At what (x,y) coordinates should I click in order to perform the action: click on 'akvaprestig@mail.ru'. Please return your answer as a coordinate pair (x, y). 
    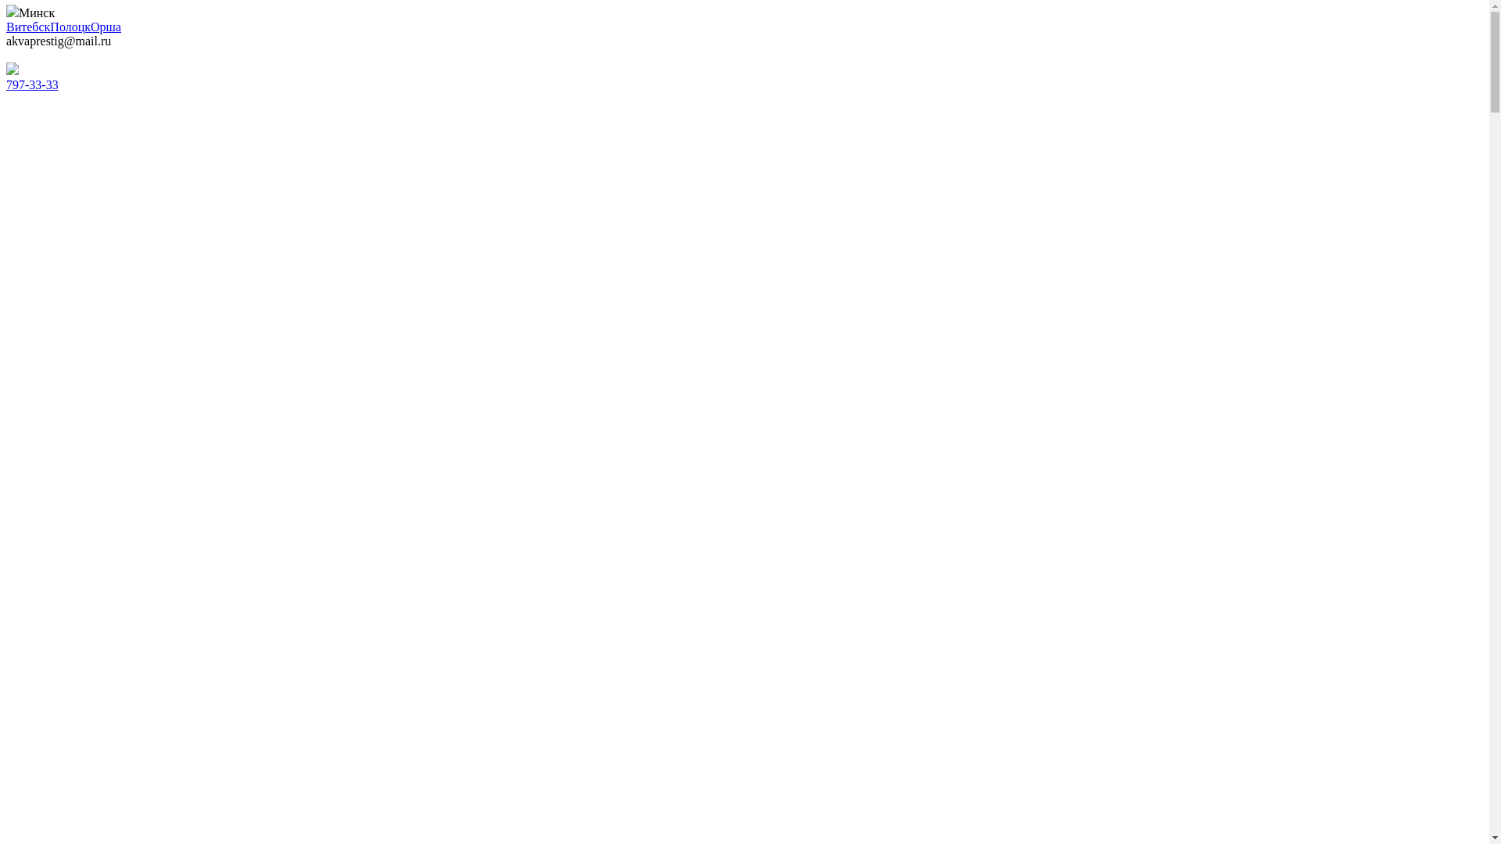
    Looking at the image, I should click on (59, 40).